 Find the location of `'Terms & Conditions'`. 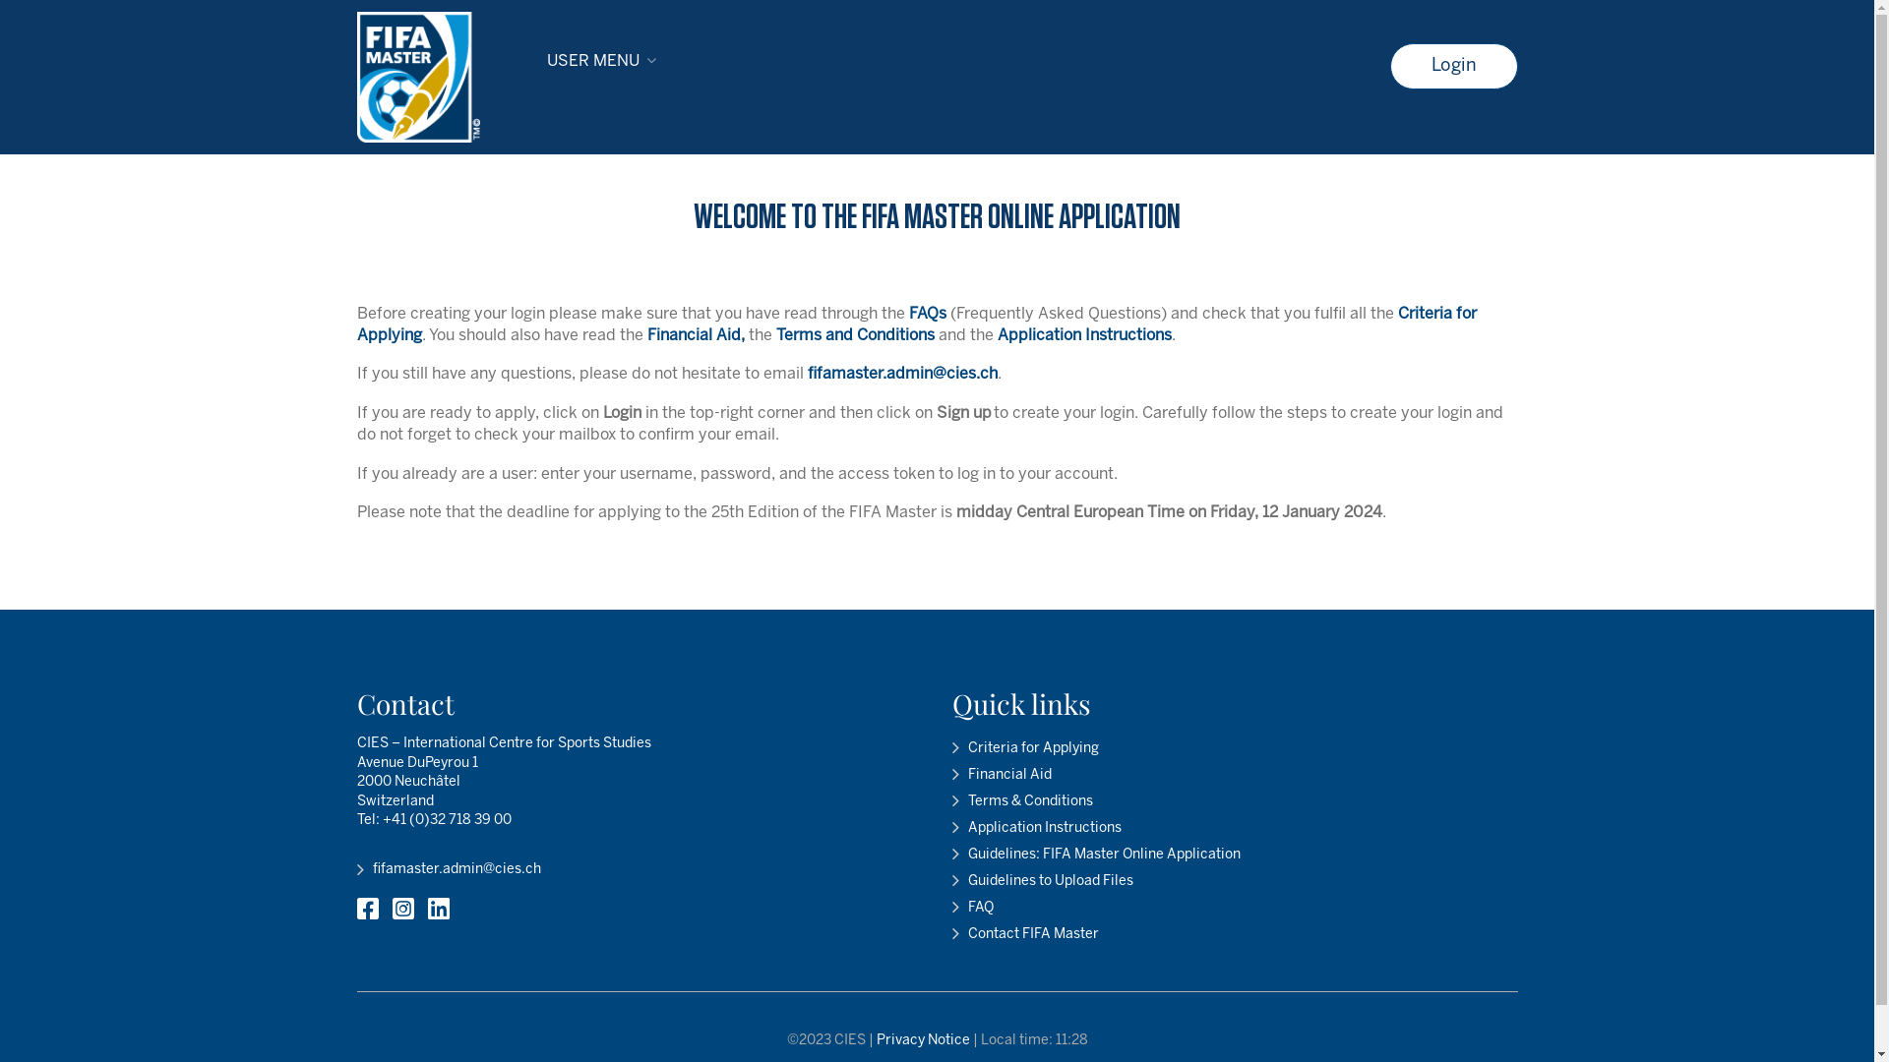

'Terms & Conditions' is located at coordinates (1022, 803).